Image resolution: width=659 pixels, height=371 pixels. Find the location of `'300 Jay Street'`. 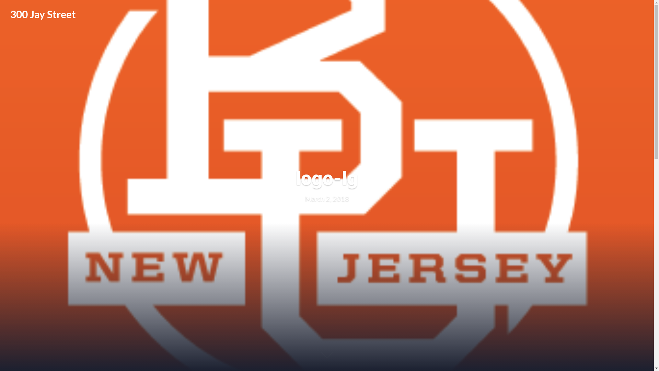

'300 Jay Street' is located at coordinates (43, 14).